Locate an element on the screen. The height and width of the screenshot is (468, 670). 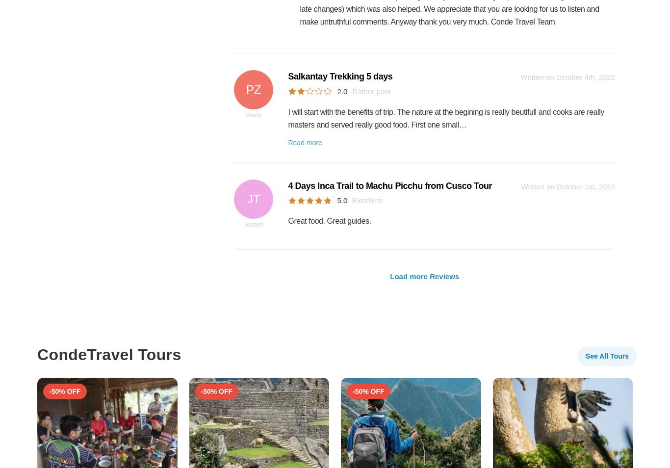
'2.0' is located at coordinates (342, 90).